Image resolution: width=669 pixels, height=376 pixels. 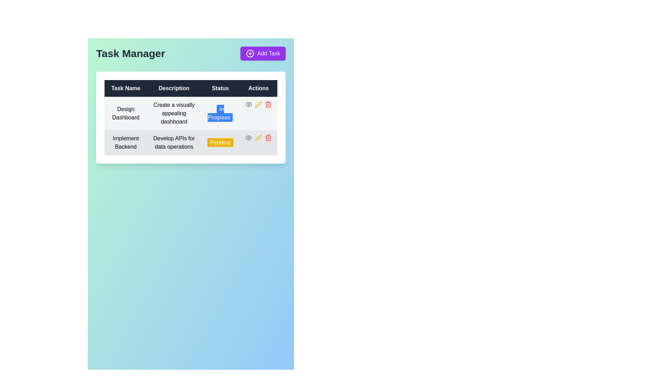 I want to click on text content of the rectangular text component labeled 'Implement Backend', which is styled with a clean sans-serif font and is located in the first column of the second row of the task table under the 'Task Name' column, so click(x=126, y=142).